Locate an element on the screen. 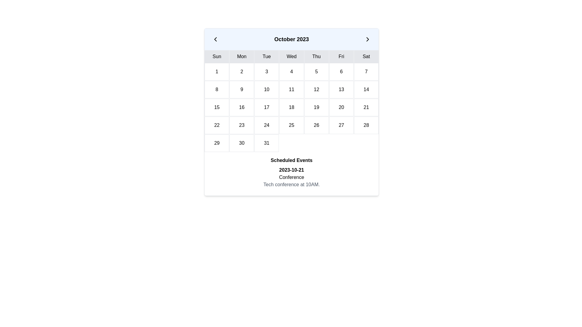 This screenshot has width=582, height=327. the calendar grid cell displaying the number '23' is located at coordinates (241, 125).